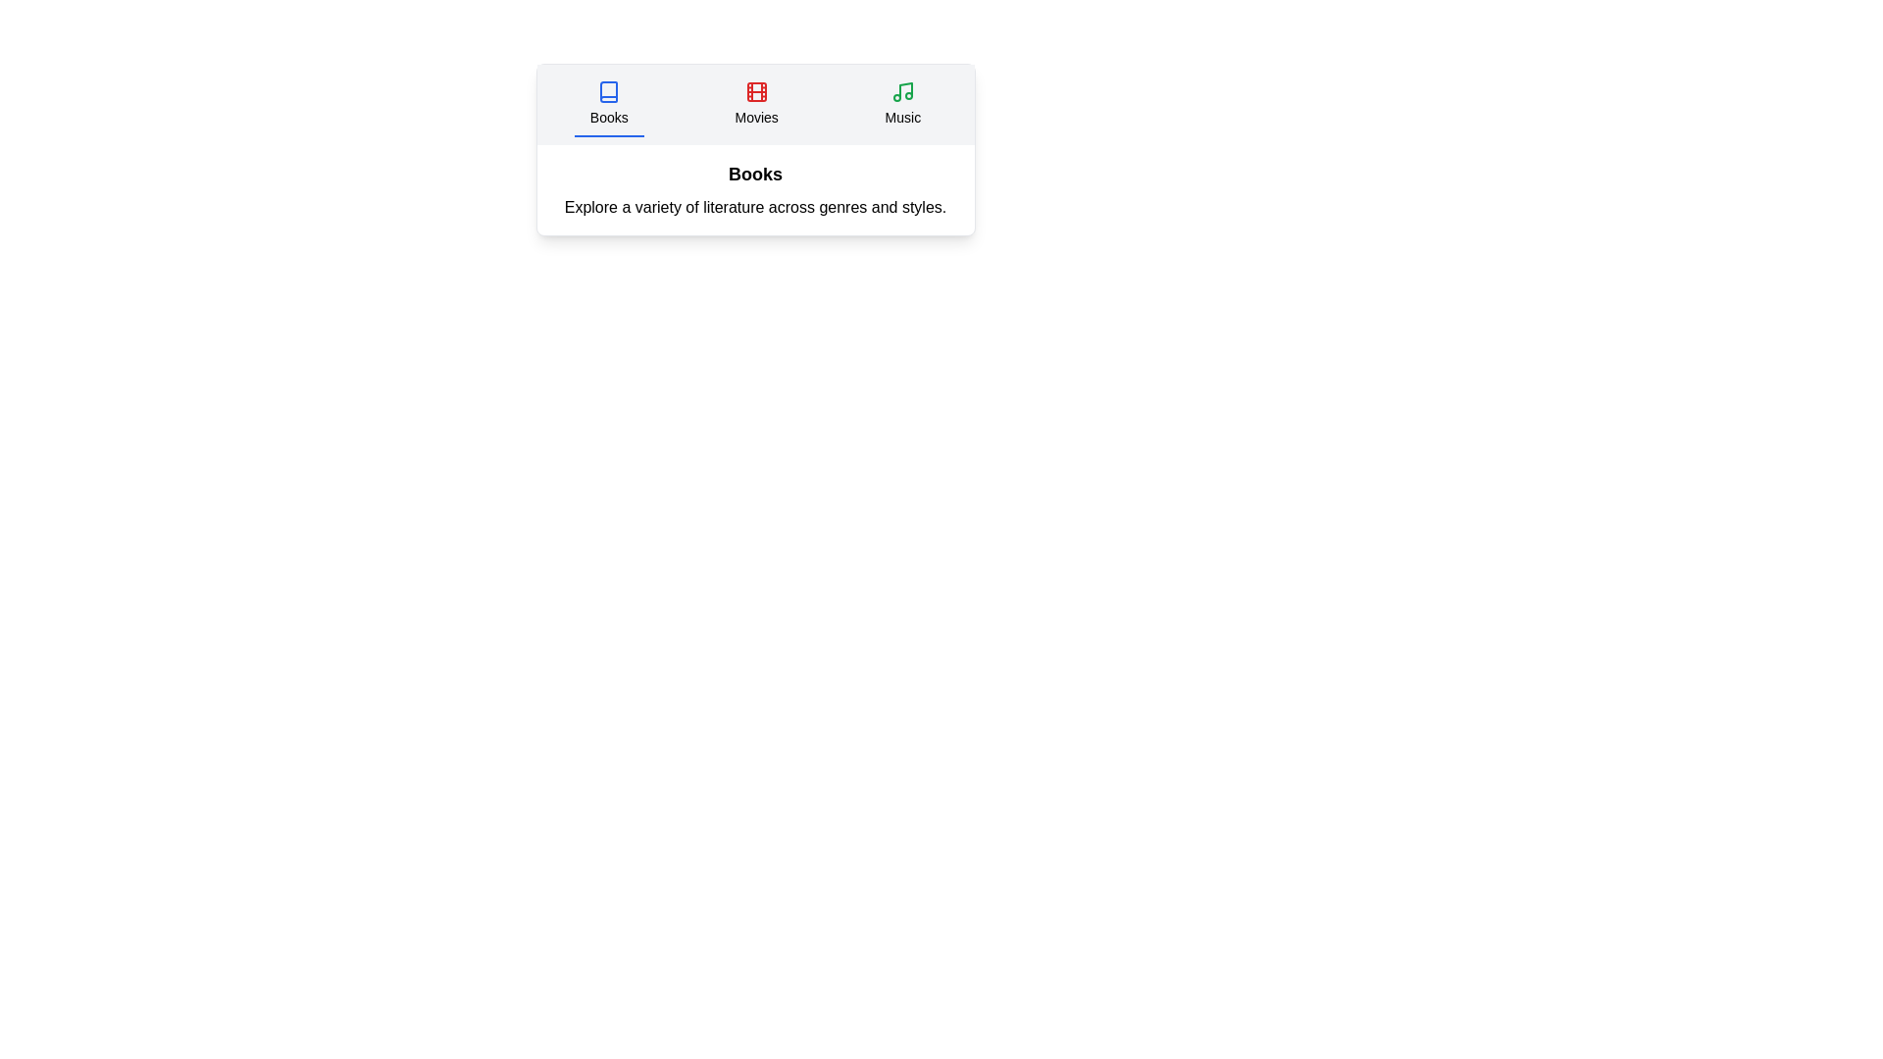 The width and height of the screenshot is (1883, 1059). I want to click on the Music tab to select it, so click(901, 105).